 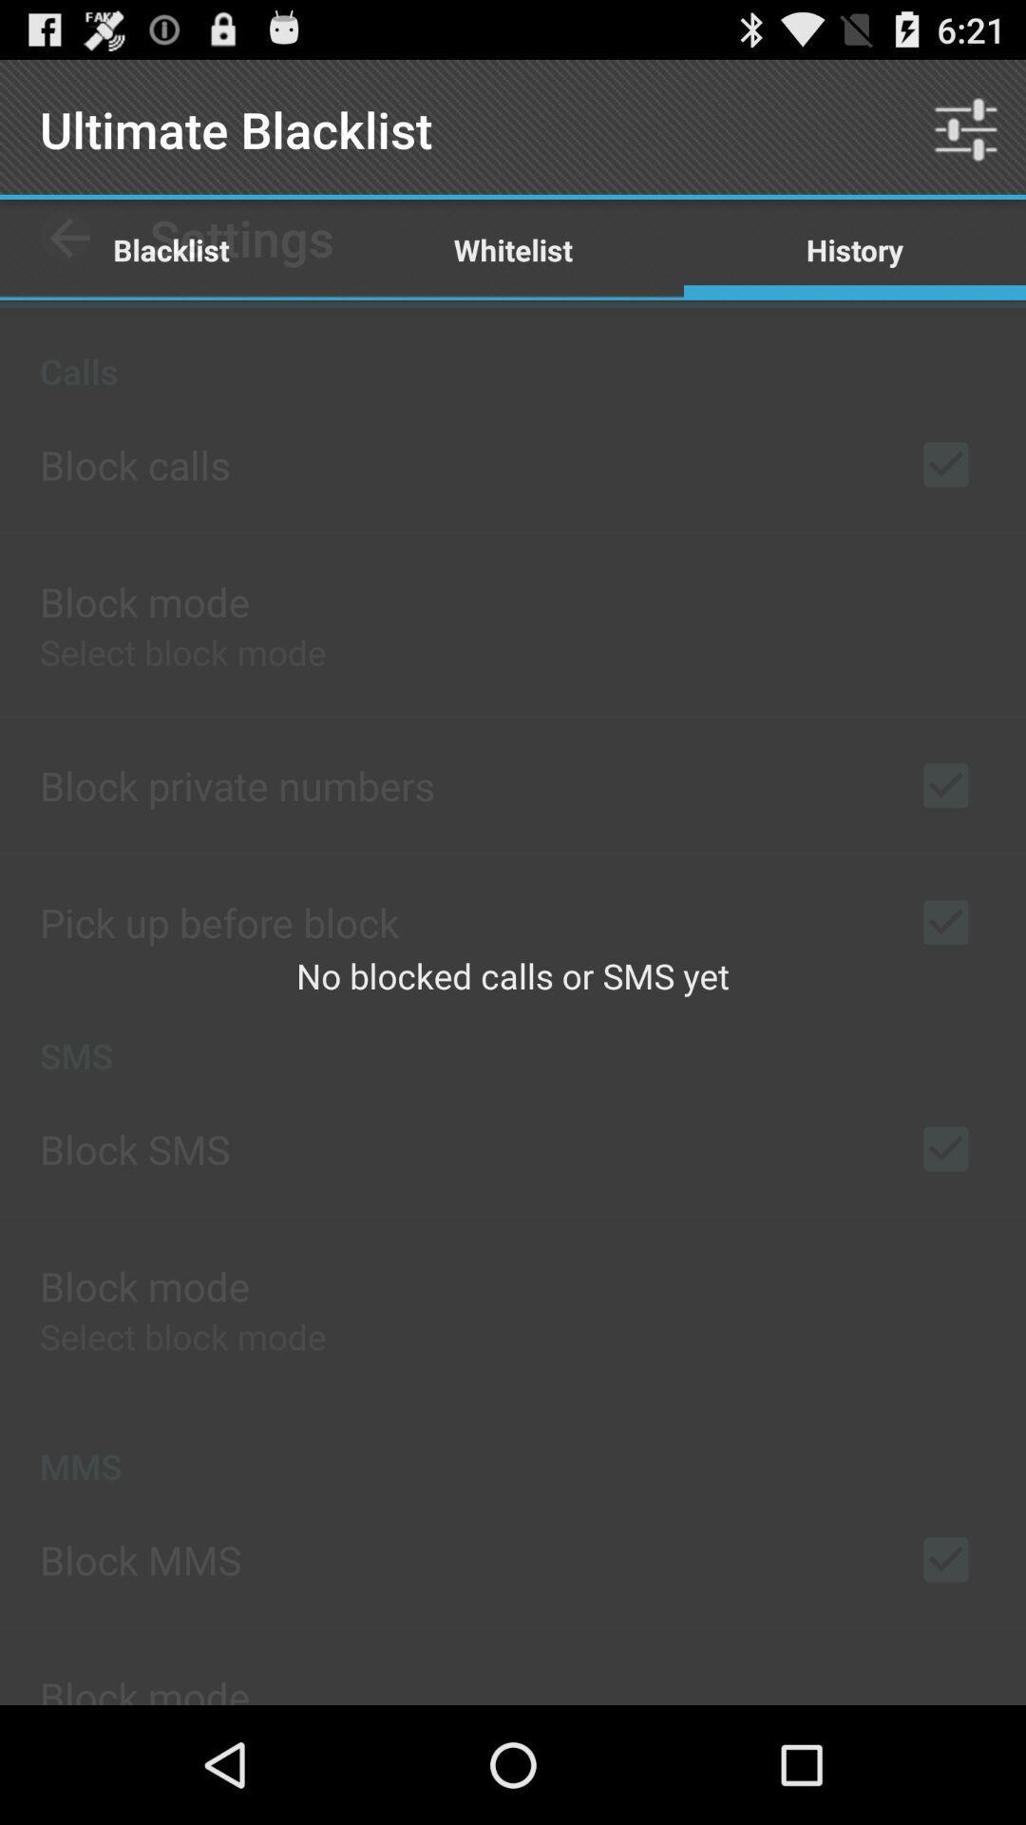 I want to click on whitelist item, so click(x=513, y=248).